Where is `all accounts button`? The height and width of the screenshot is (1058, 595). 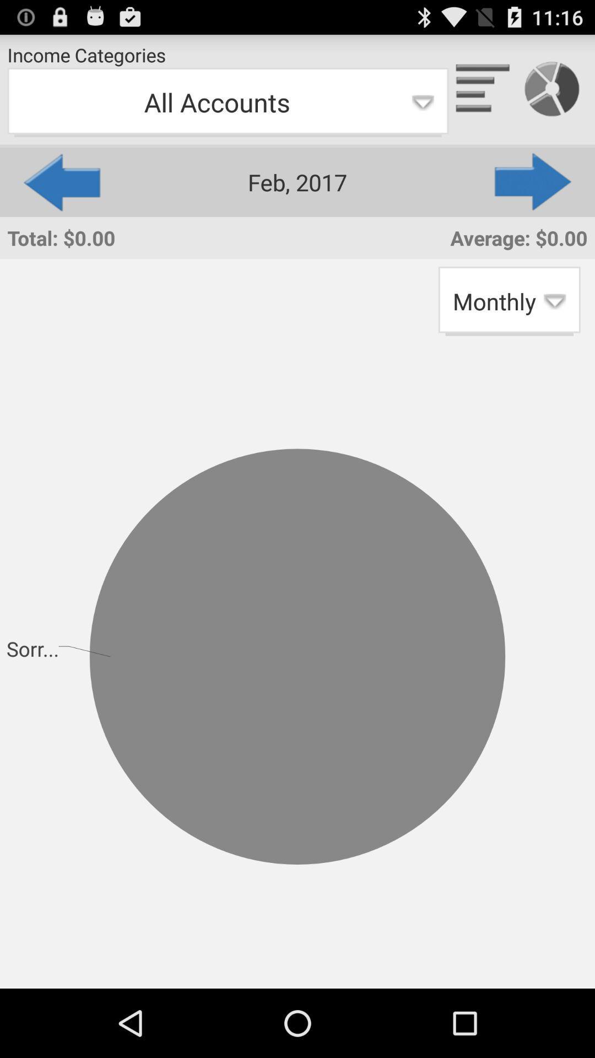 all accounts button is located at coordinates (227, 102).